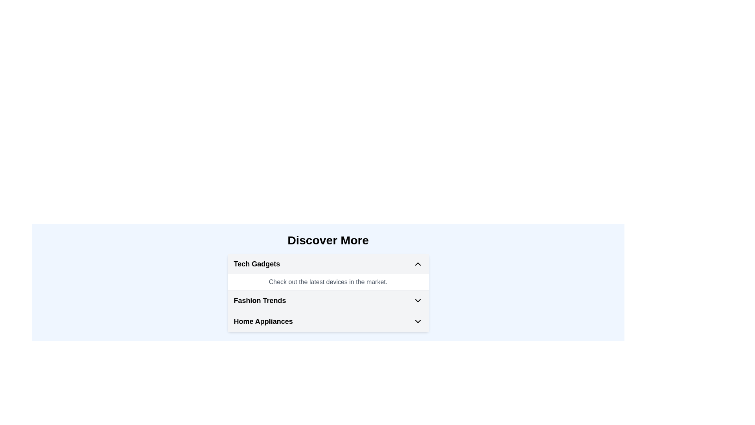 The image size is (755, 425). What do you see at coordinates (263, 322) in the screenshot?
I see `the 'Home Appliances' category label` at bounding box center [263, 322].